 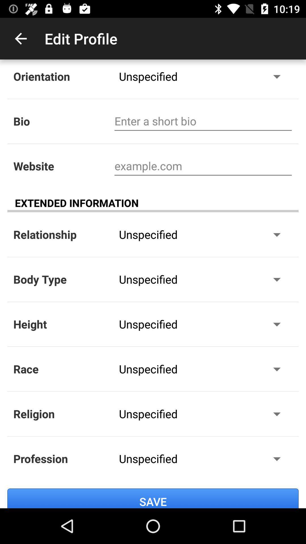 What do you see at coordinates (203, 121) in the screenshot?
I see `bio details` at bounding box center [203, 121].